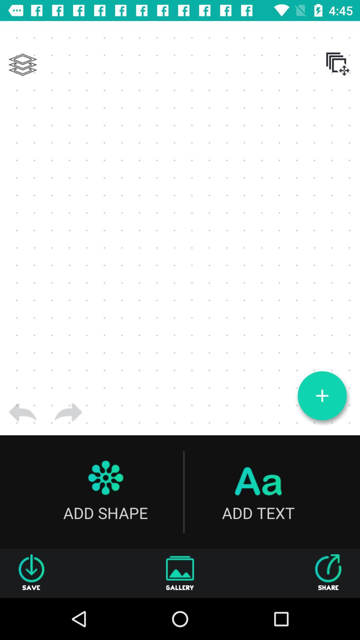 This screenshot has height=640, width=360. I want to click on the share icon, so click(328, 573).